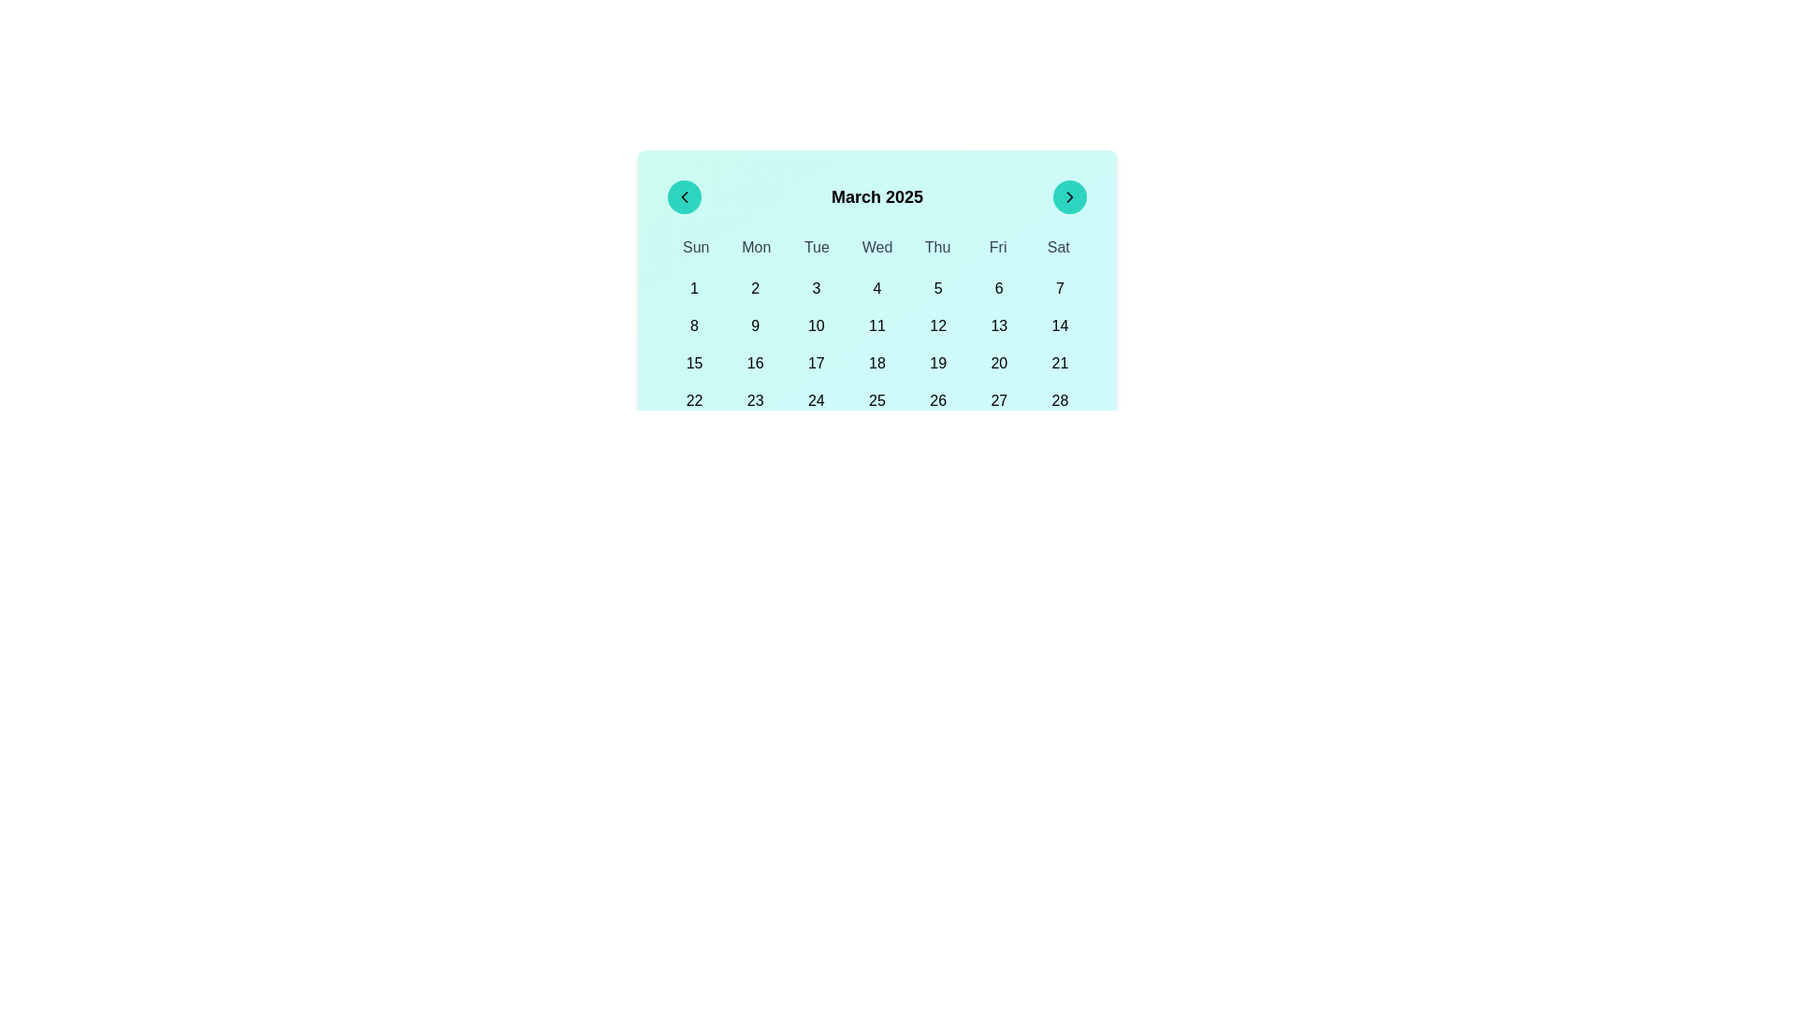  Describe the element at coordinates (1069, 197) in the screenshot. I see `the button located at the far right of the calendar header, adjacent to 'March 2025'` at that location.